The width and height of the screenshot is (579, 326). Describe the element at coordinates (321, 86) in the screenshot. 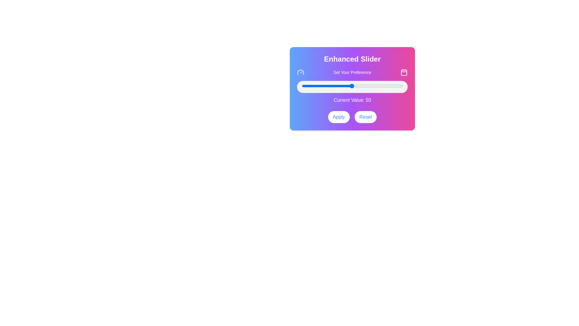

I see `the slider` at that location.